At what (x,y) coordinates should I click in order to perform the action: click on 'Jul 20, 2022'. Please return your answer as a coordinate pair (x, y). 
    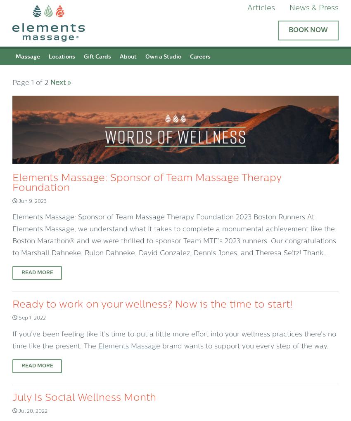
    Looking at the image, I should click on (17, 411).